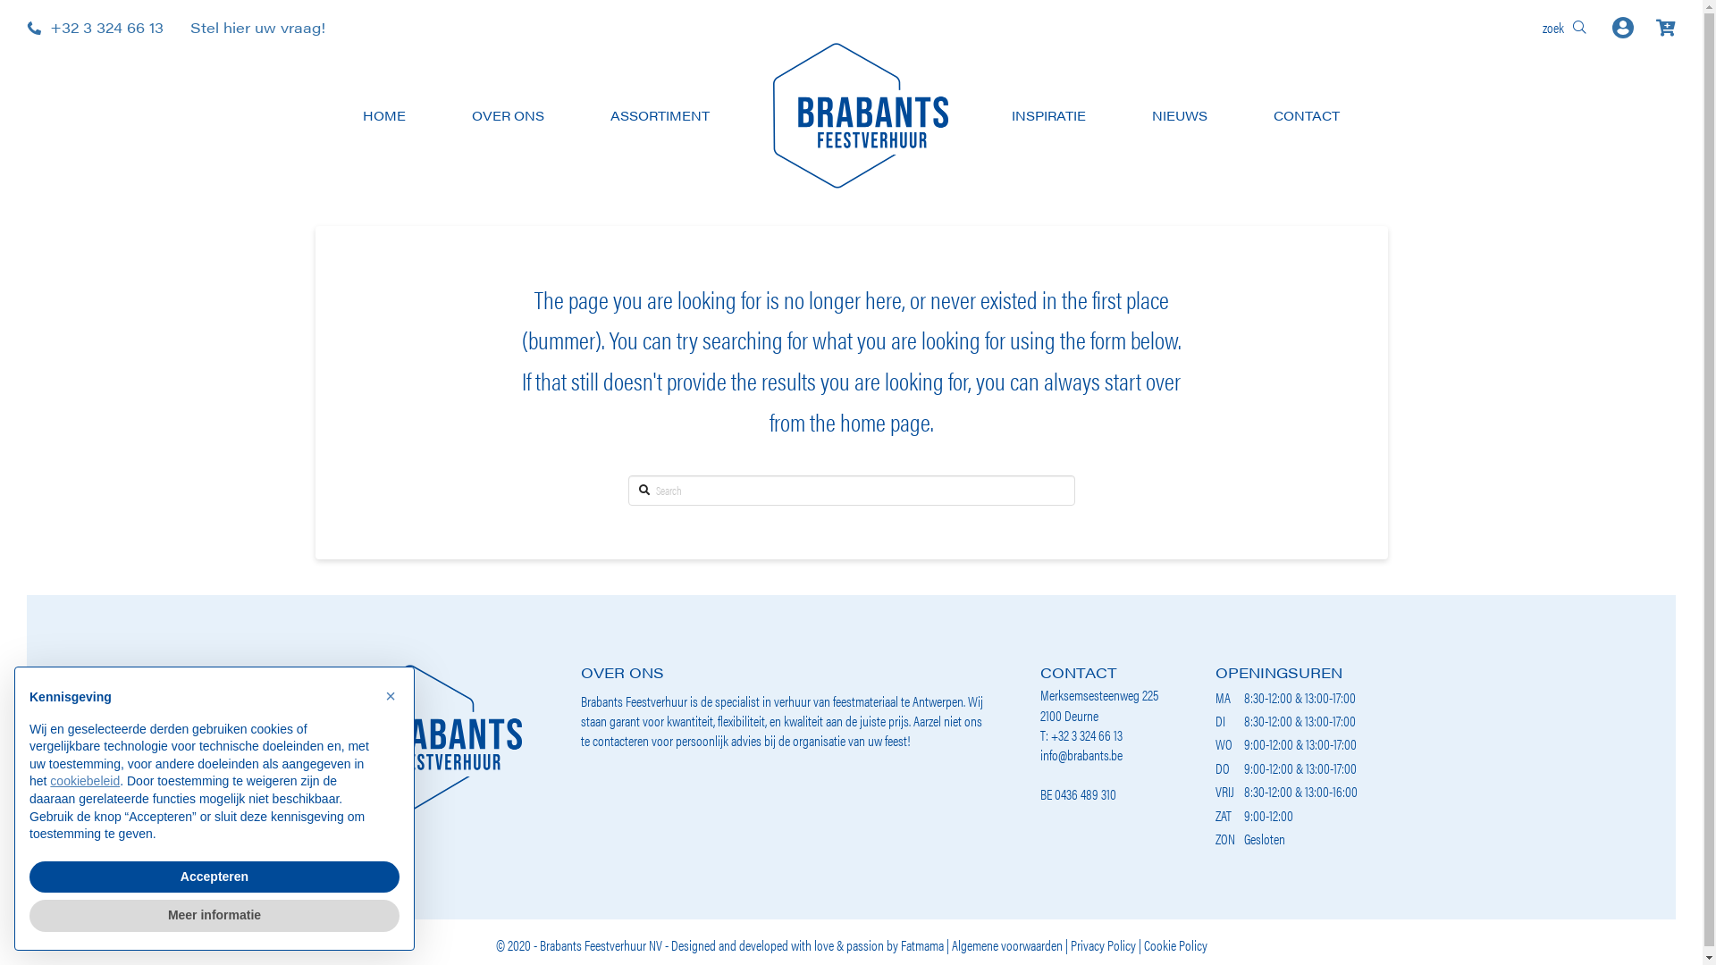  What do you see at coordinates (1537, 27) in the screenshot?
I see `'zoek'` at bounding box center [1537, 27].